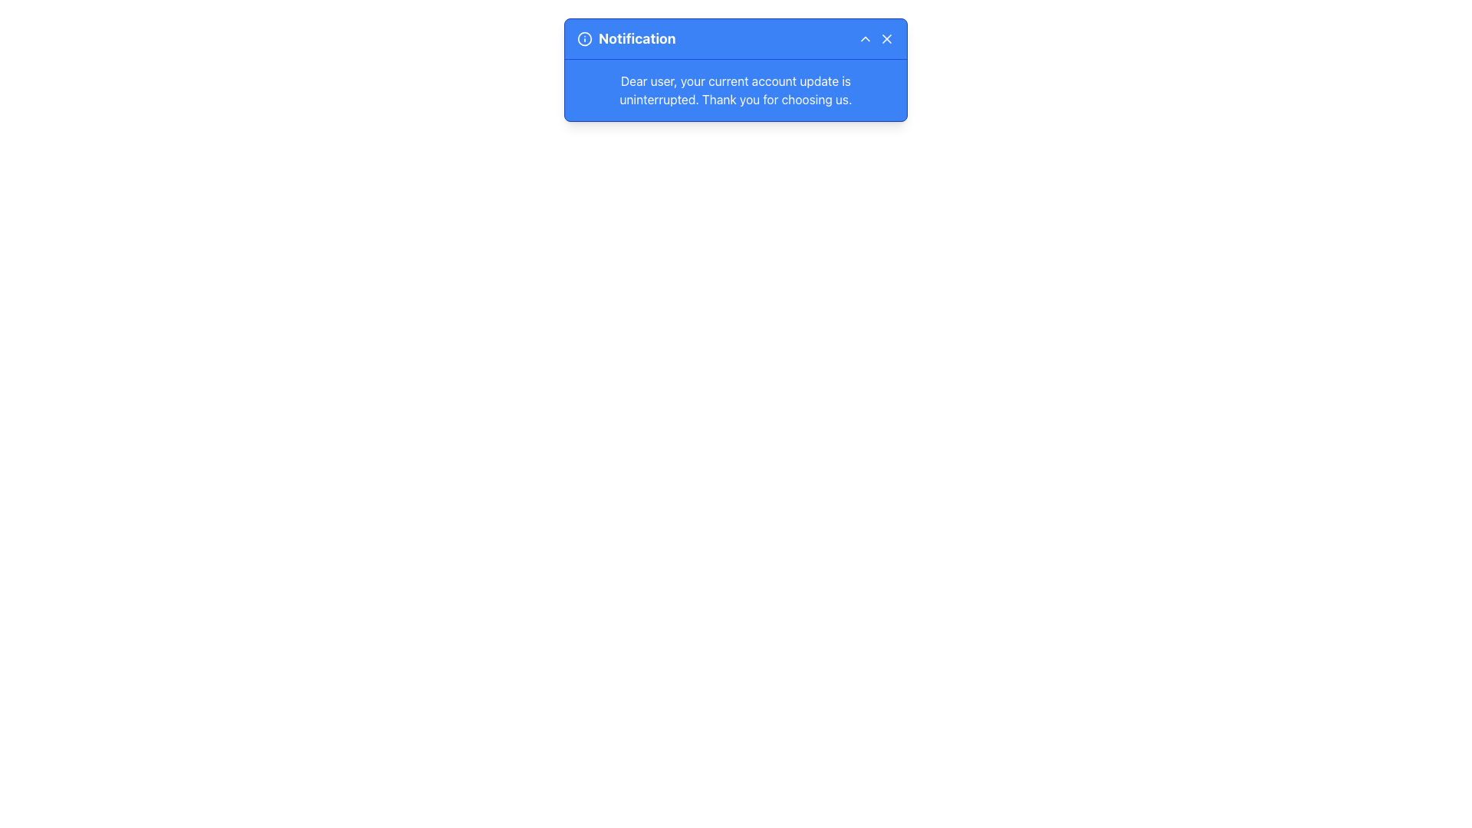 The height and width of the screenshot is (828, 1472). Describe the element at coordinates (584, 38) in the screenshot. I see `the circular element within the information icon located at the upper-left corner of the blue notification box beside the title 'Notification'` at that location.